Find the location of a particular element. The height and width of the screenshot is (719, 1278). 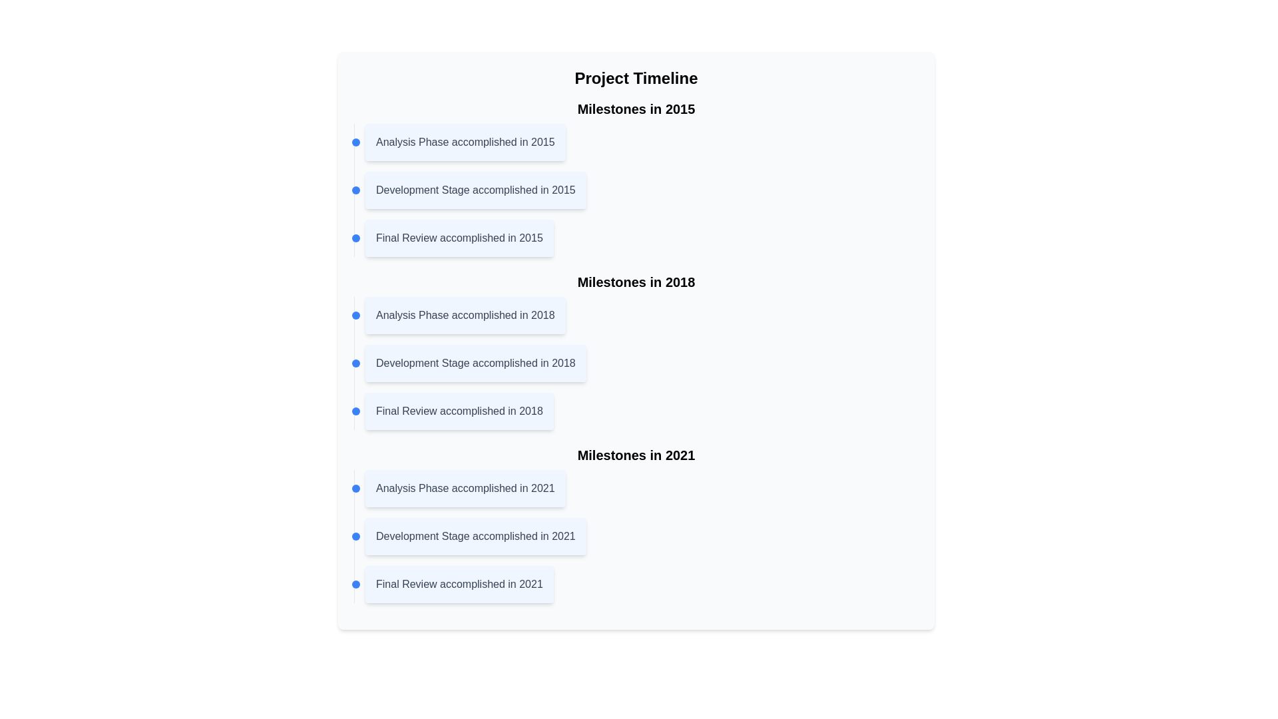

the text box element that provides information about the 'Development Stage accomplished in 2018' event, which is the second item in the list under the 'Milestones in 2018' section of the 'Project Timeline' is located at coordinates (475, 363).